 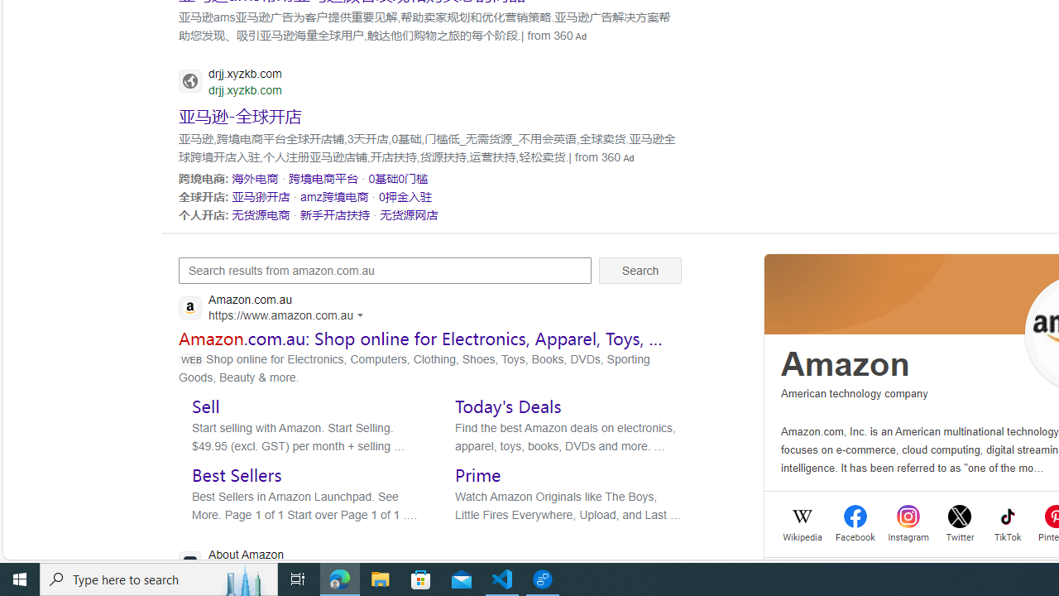 I want to click on 'Sell', so click(x=204, y=406).